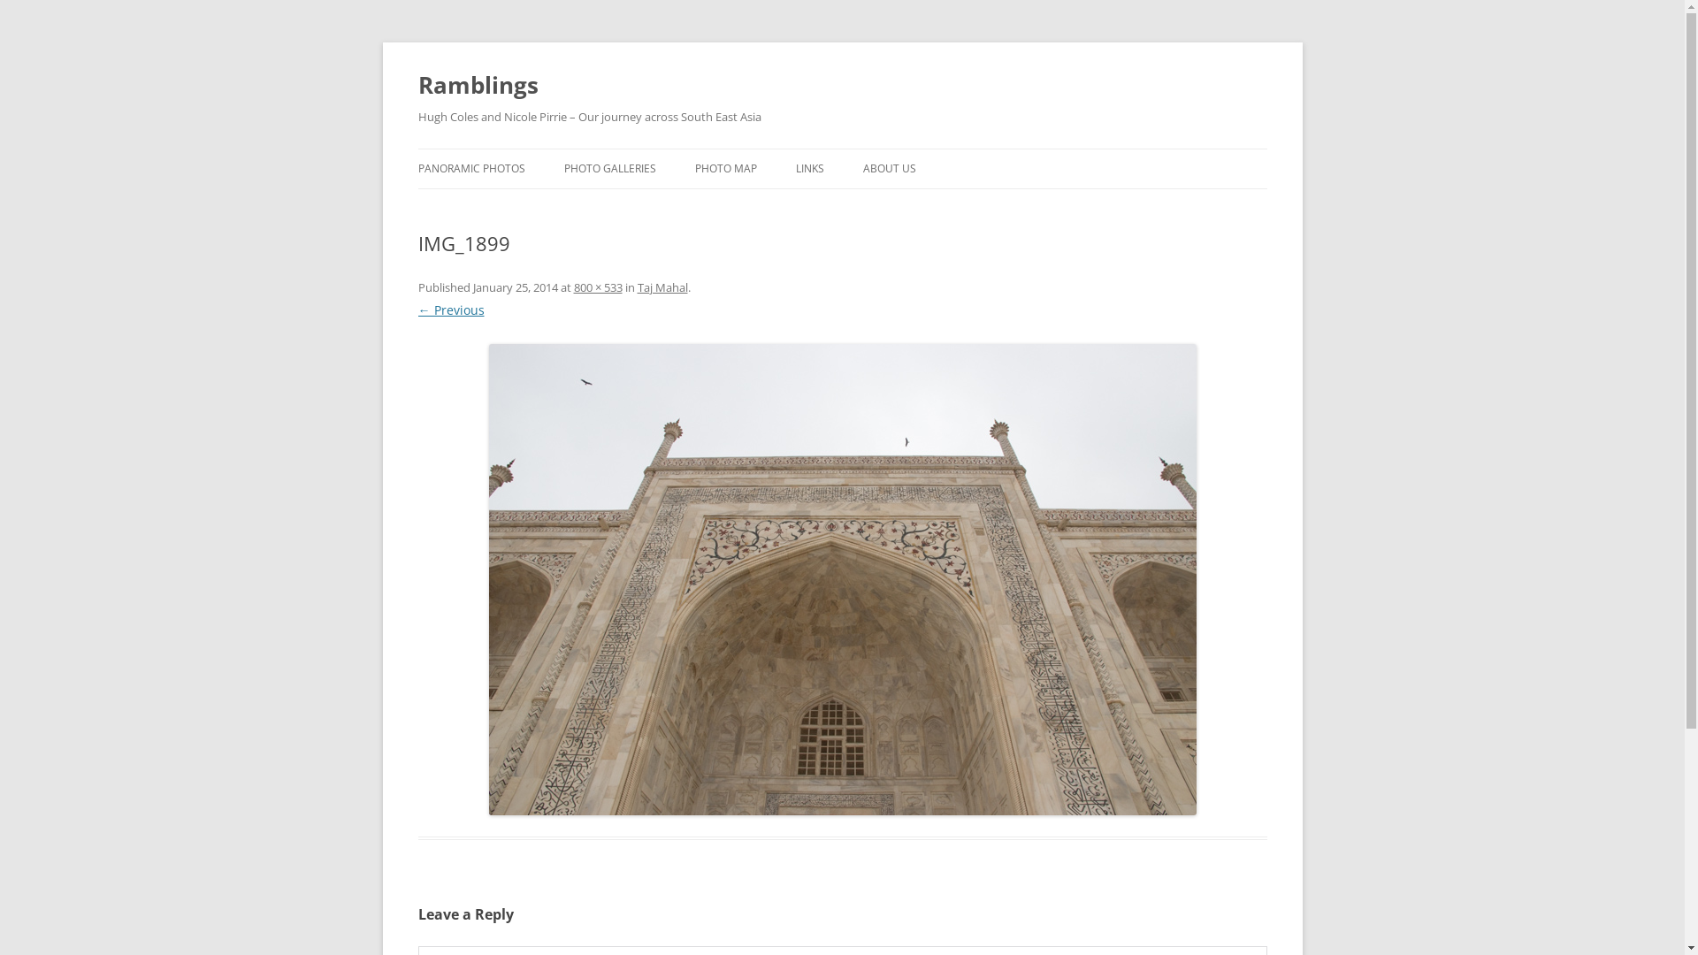  What do you see at coordinates (610, 169) in the screenshot?
I see `'PHOTO GALLERIES'` at bounding box center [610, 169].